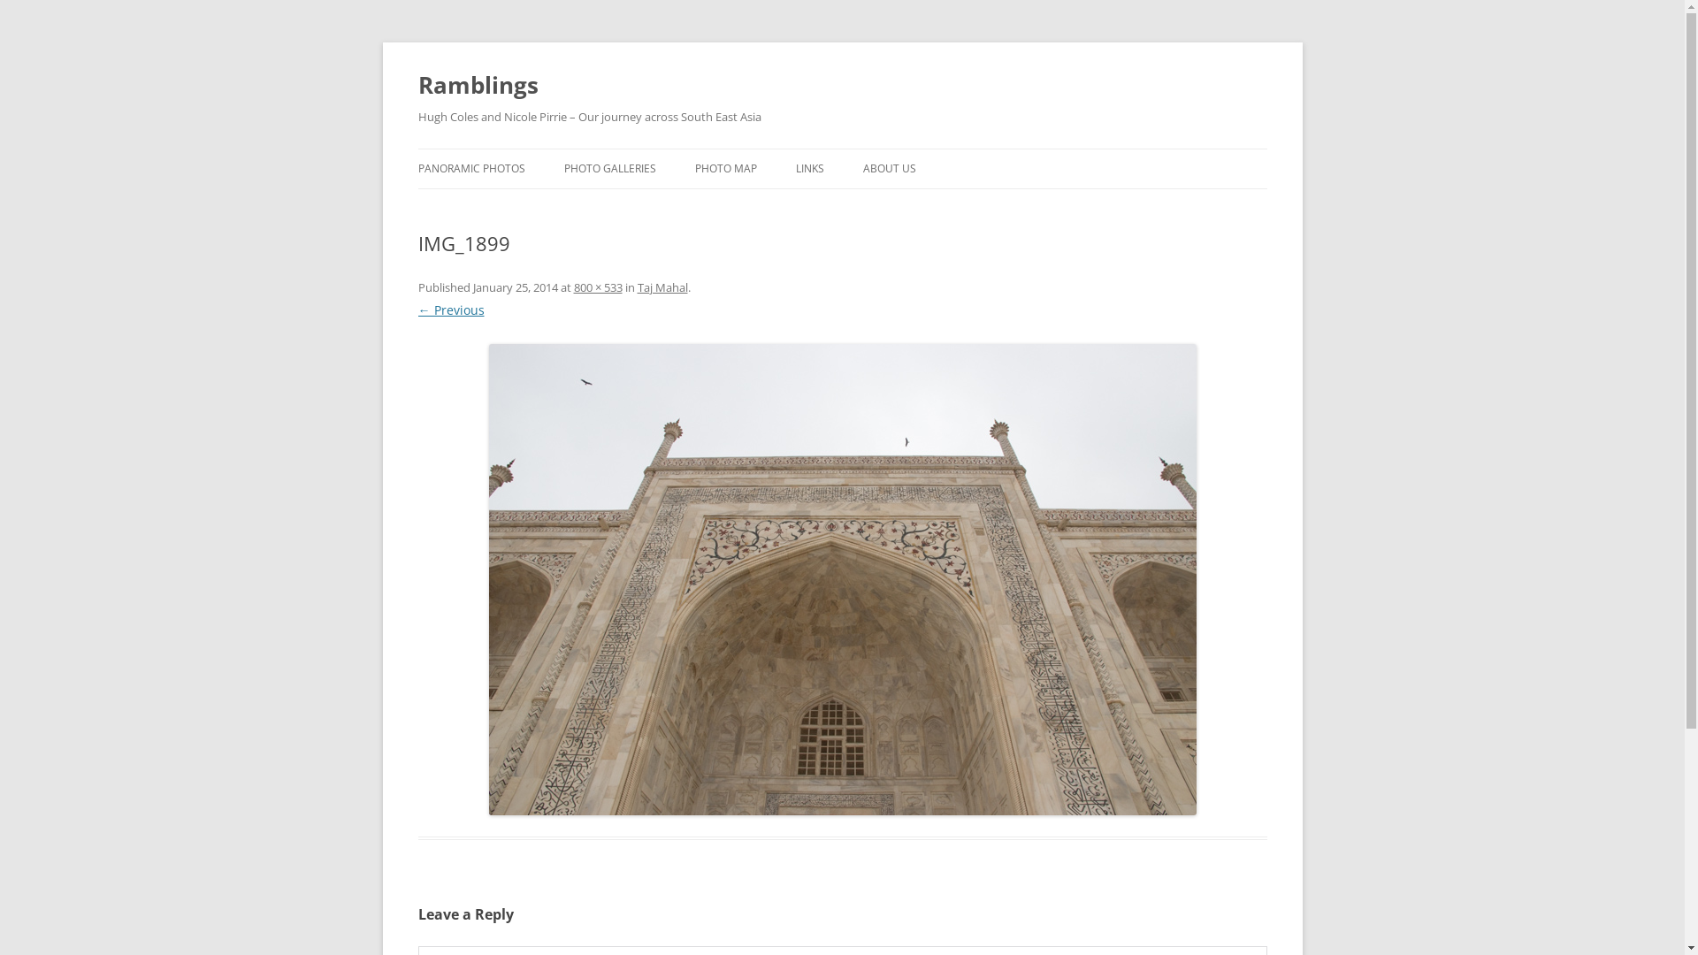  What do you see at coordinates (610, 169) in the screenshot?
I see `'PHOTO GALLERIES'` at bounding box center [610, 169].